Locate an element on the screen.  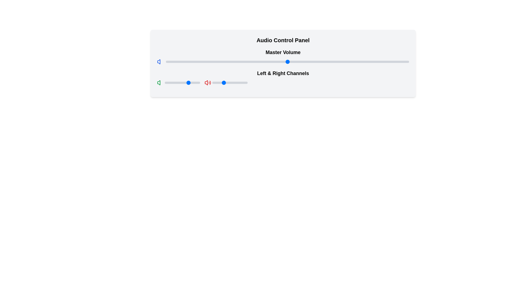
the master volume is located at coordinates (331, 62).